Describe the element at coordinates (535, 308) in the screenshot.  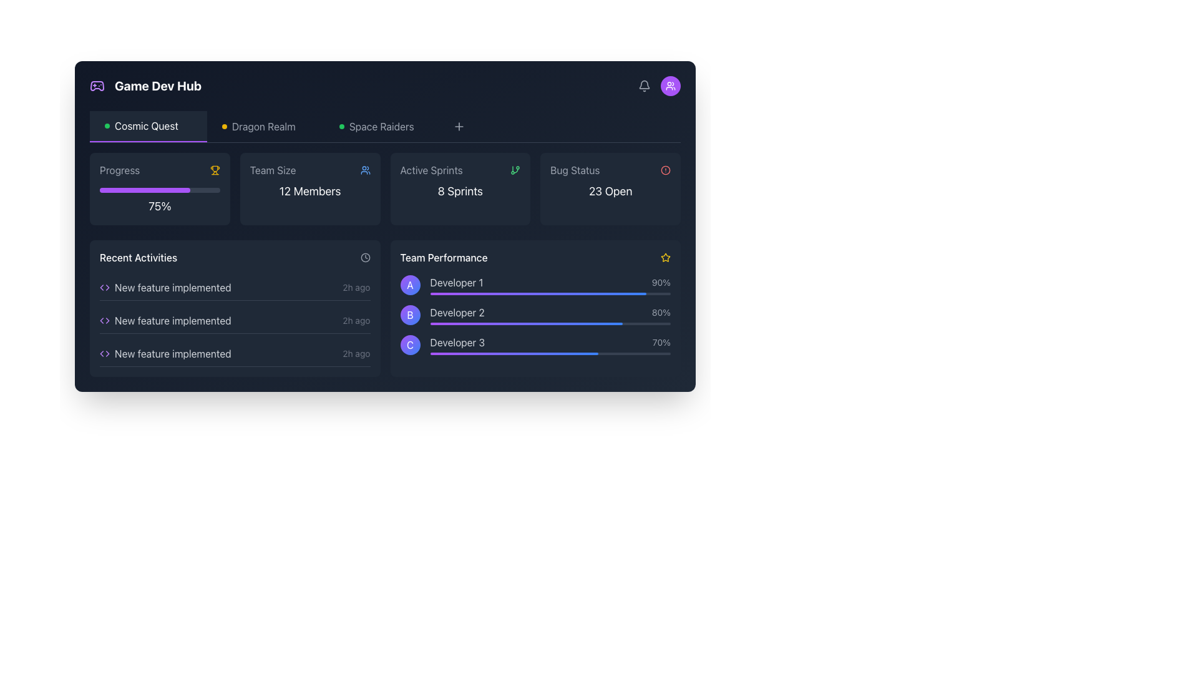
I see `performance data displayed in the 'Team Performance' section, which includes subsections A, B, and C, with job titles and percentages` at that location.